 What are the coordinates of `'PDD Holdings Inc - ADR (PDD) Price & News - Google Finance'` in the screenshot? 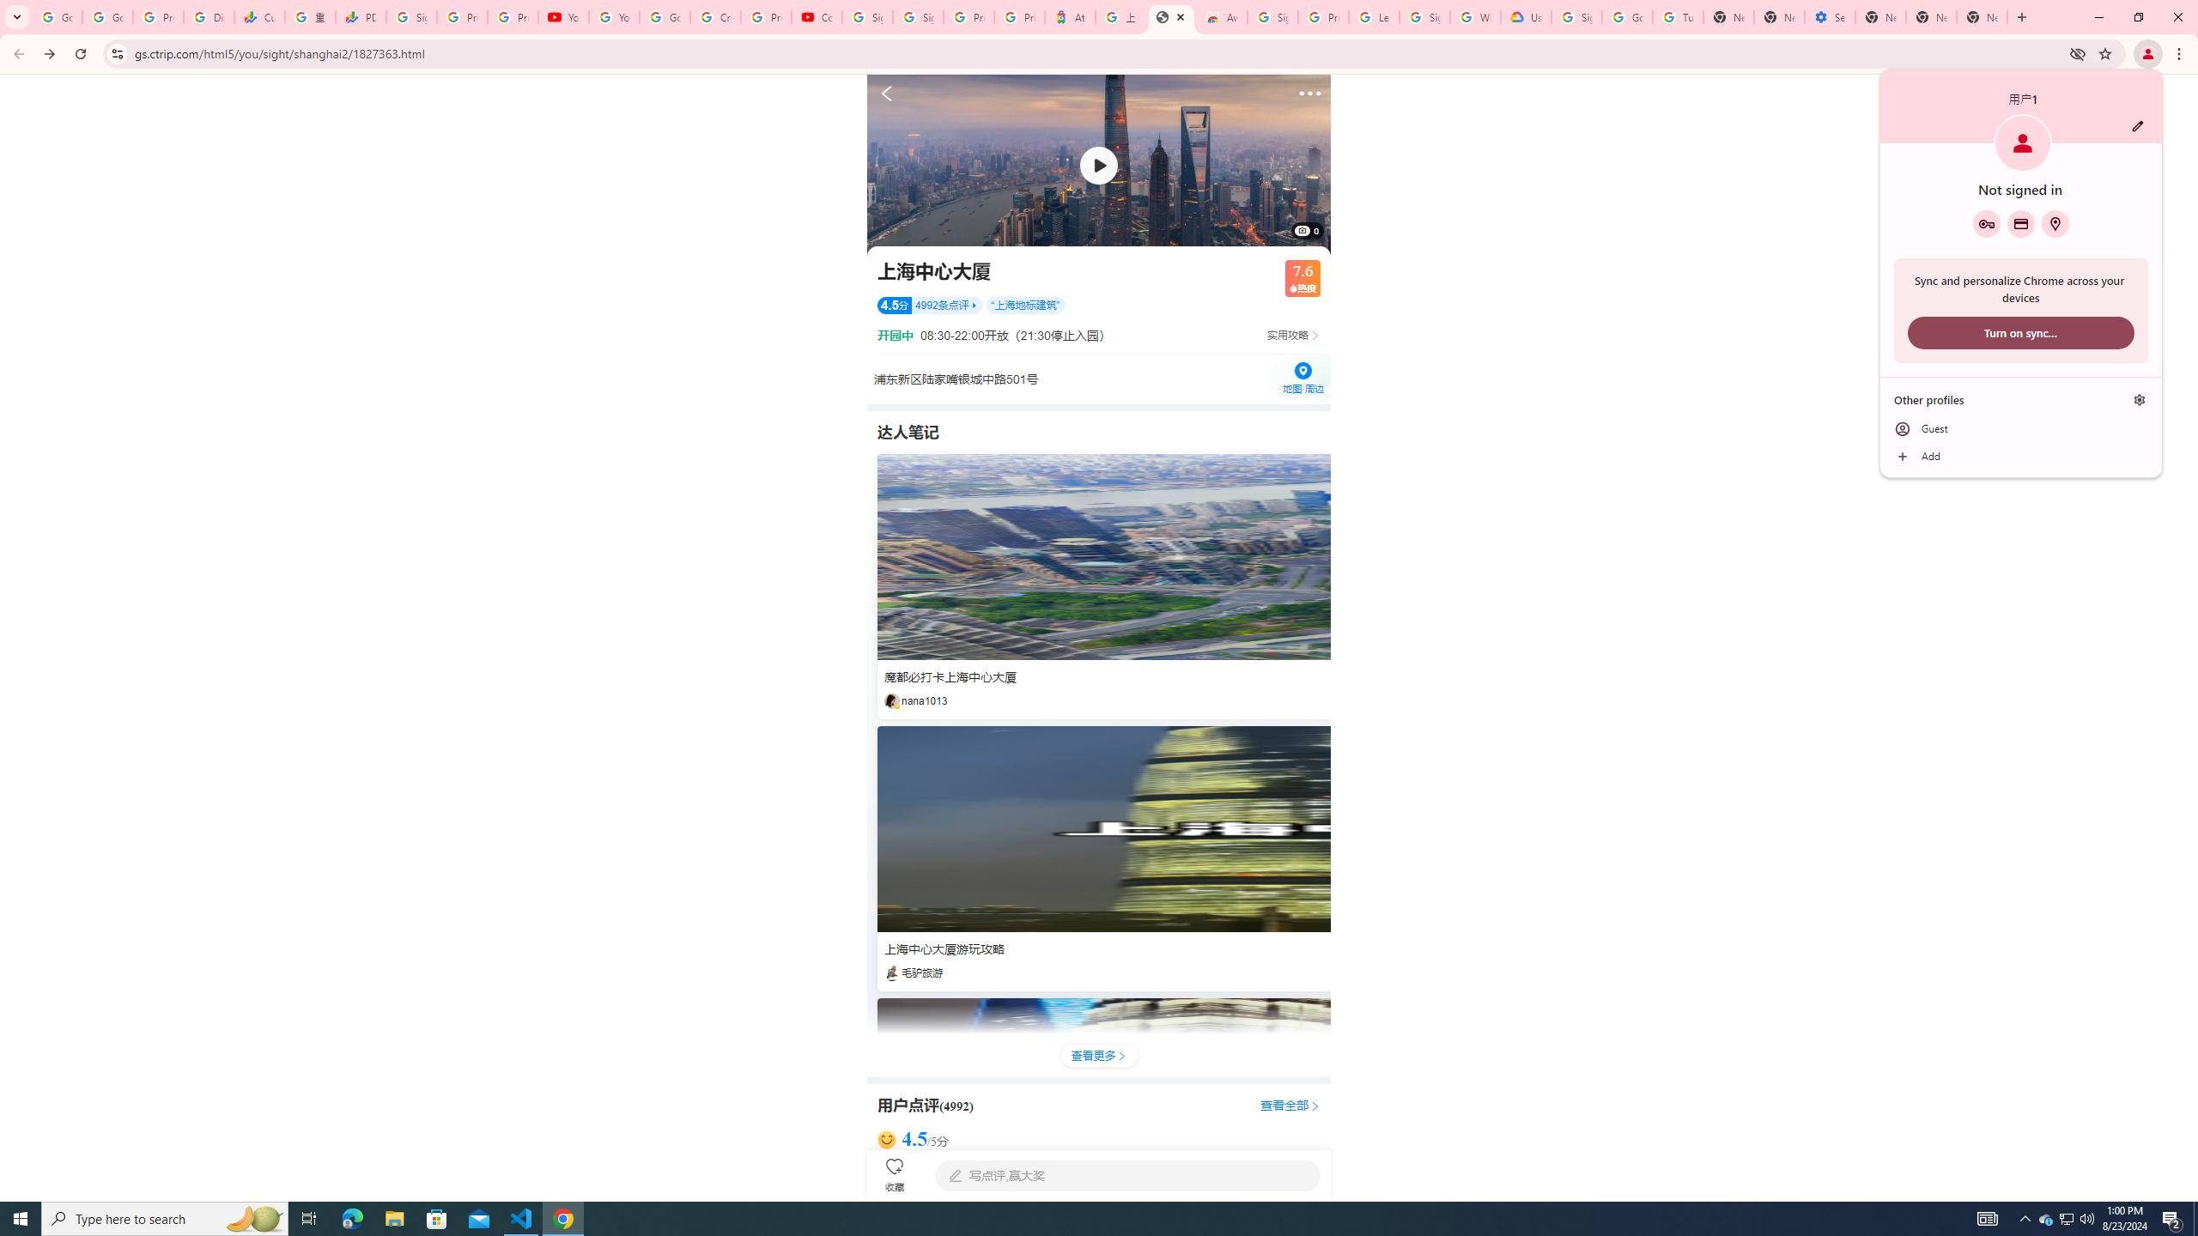 It's located at (360, 16).